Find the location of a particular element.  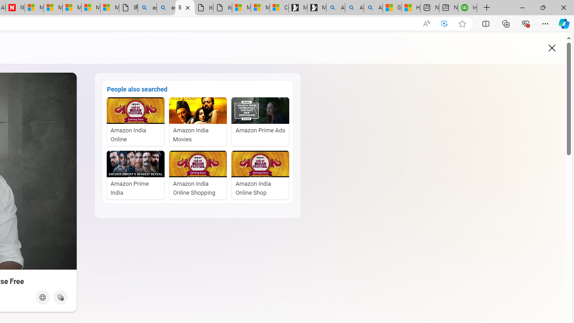

'Alabama high school quarterback dies - Search' is located at coordinates (335, 8).